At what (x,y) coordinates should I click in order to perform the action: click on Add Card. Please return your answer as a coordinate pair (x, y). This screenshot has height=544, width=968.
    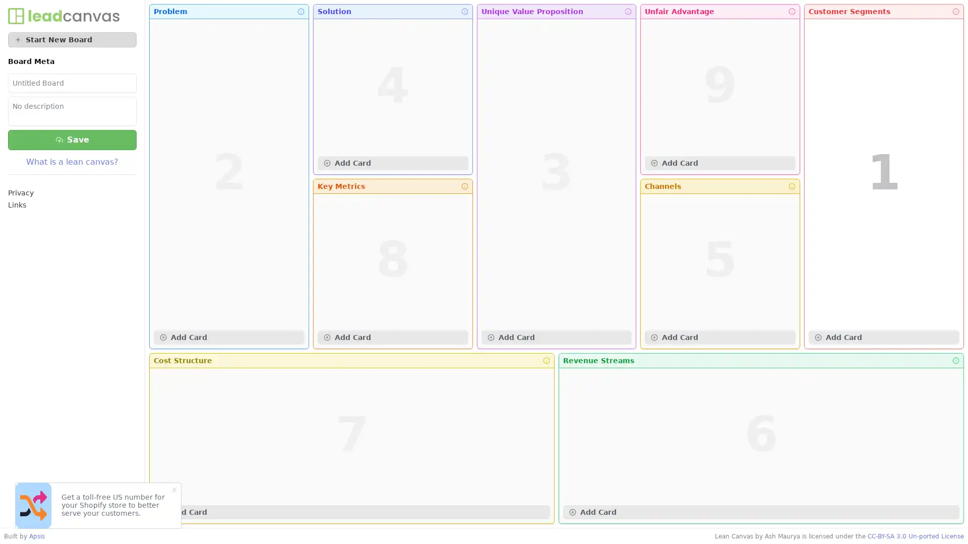
    Looking at the image, I should click on (392, 162).